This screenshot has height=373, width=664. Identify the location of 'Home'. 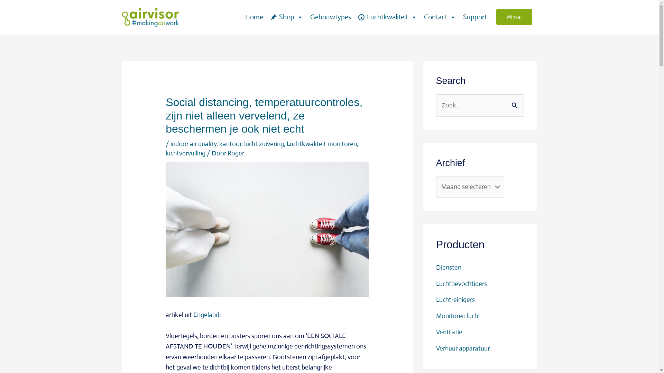
(253, 17).